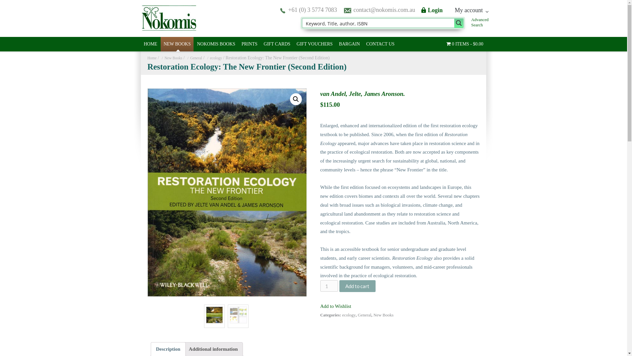 The image size is (632, 356). Describe the element at coordinates (480, 22) in the screenshot. I see `'Advanced Search'` at that location.